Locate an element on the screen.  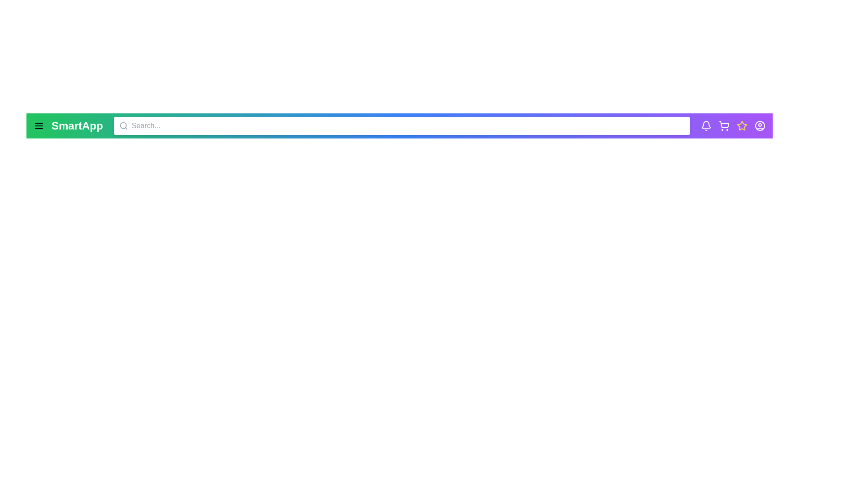
the bell icon to activate notifications is located at coordinates (705, 126).